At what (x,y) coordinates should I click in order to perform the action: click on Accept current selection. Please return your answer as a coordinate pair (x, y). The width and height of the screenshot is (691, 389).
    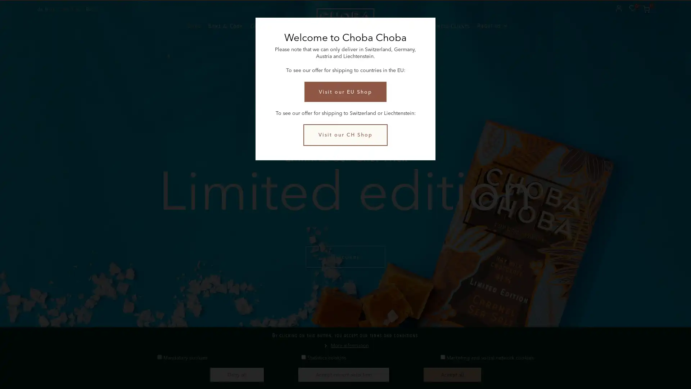
    Looking at the image, I should click on (343, 374).